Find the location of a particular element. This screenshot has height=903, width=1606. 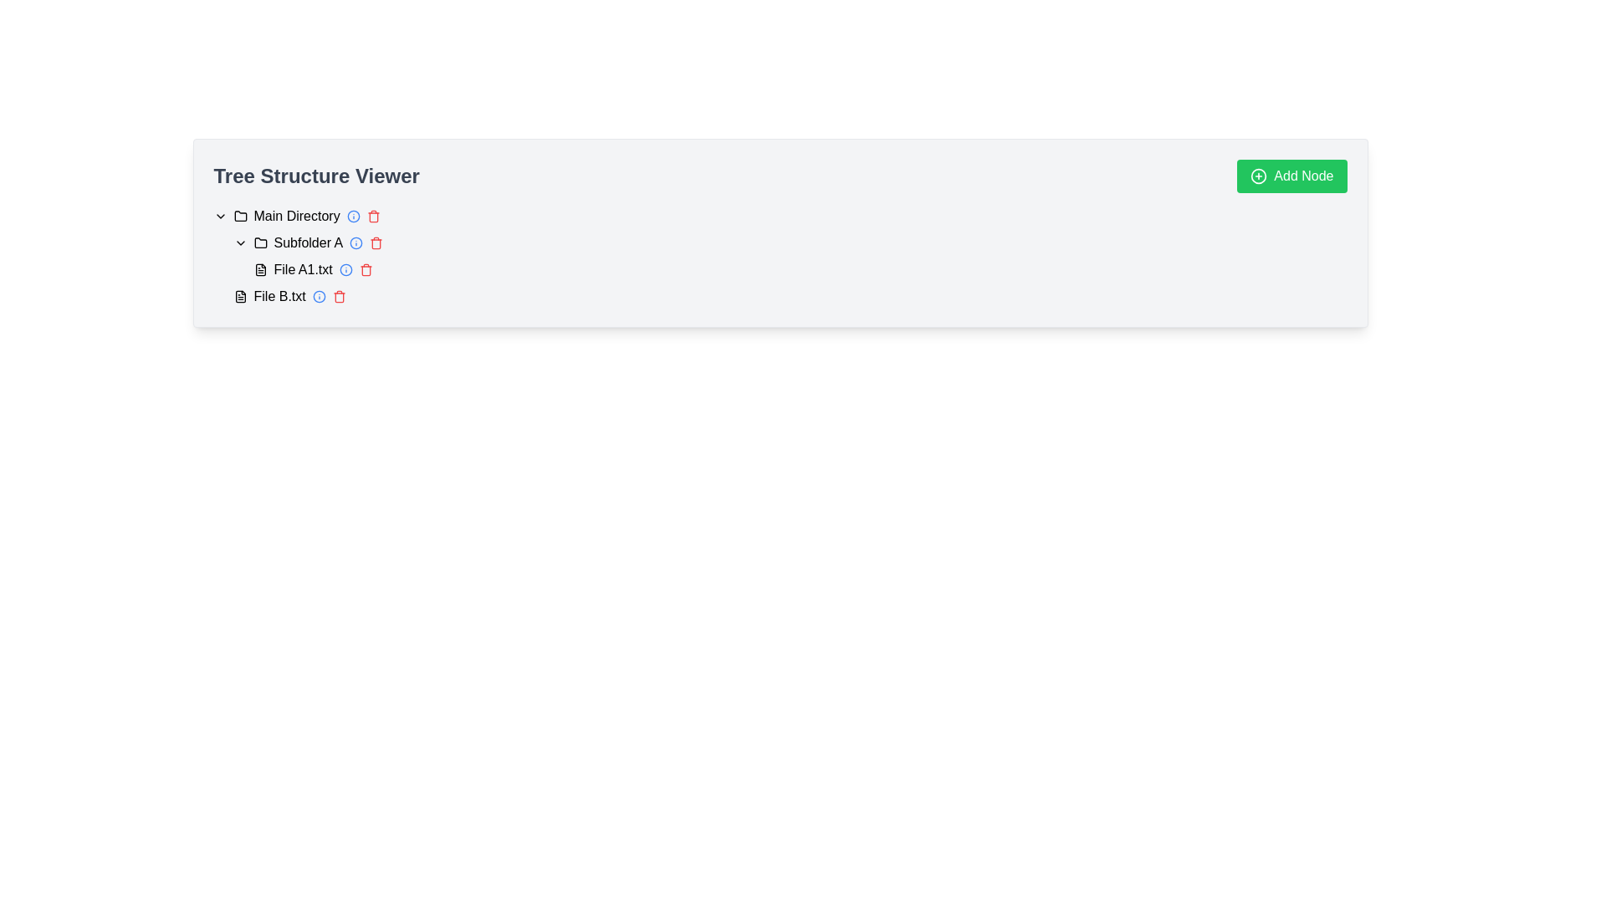

the circular graphical component with a light blue stroke located adjacent to the text 'Subfolder A' in the tree structure viewer interface is located at coordinates (352, 215).